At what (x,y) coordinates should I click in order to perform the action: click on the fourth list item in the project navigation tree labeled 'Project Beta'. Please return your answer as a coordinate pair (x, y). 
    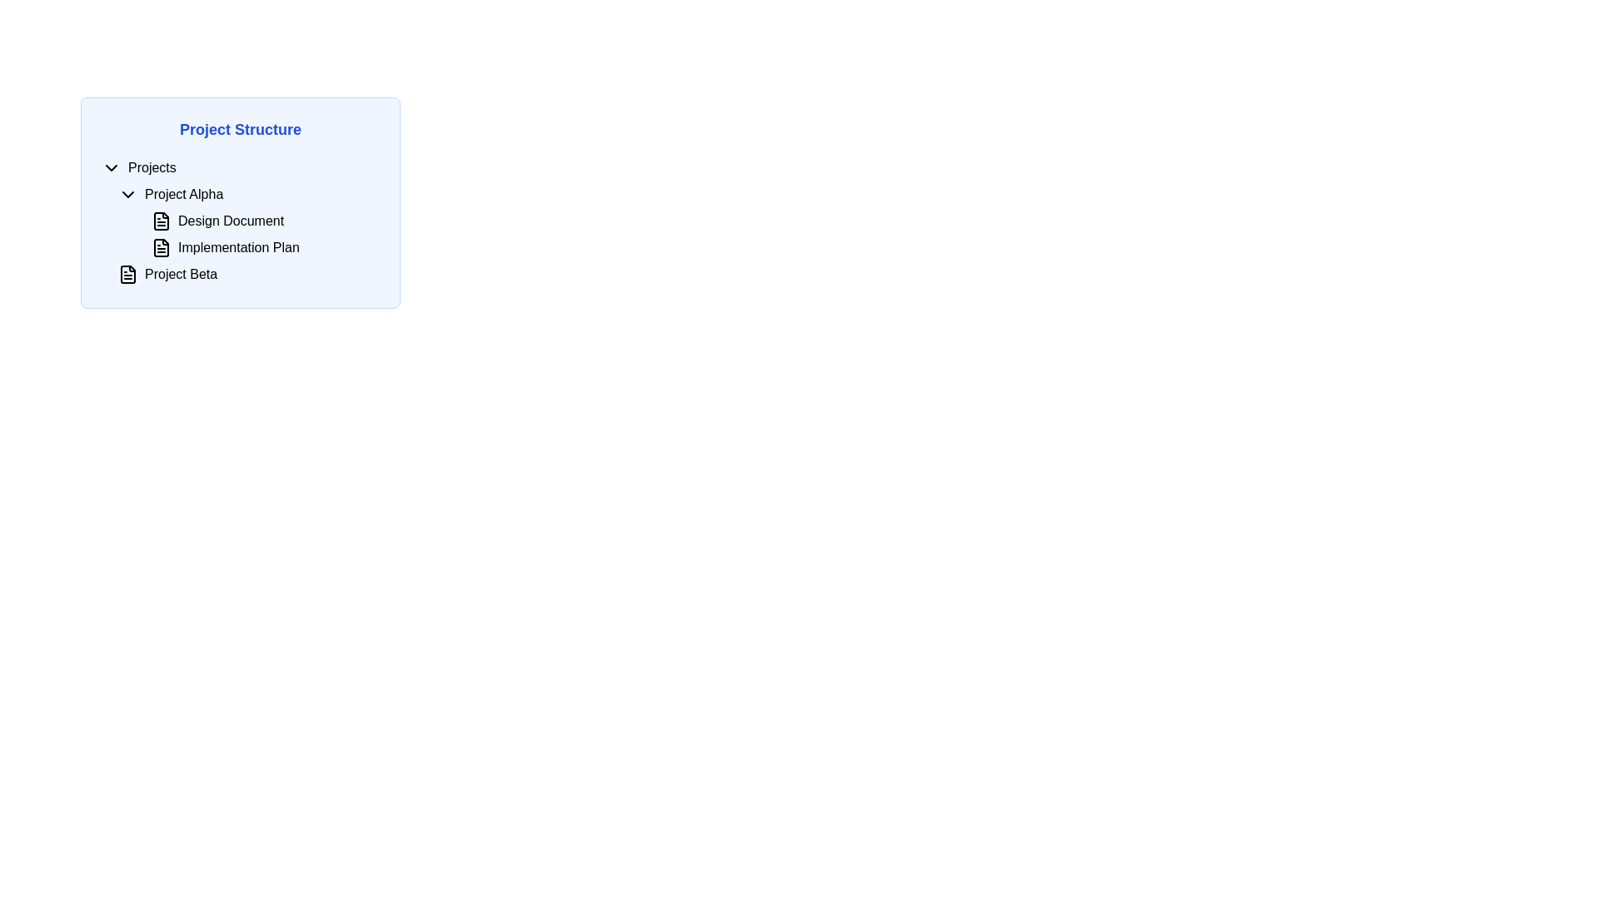
    Looking at the image, I should click on (239, 274).